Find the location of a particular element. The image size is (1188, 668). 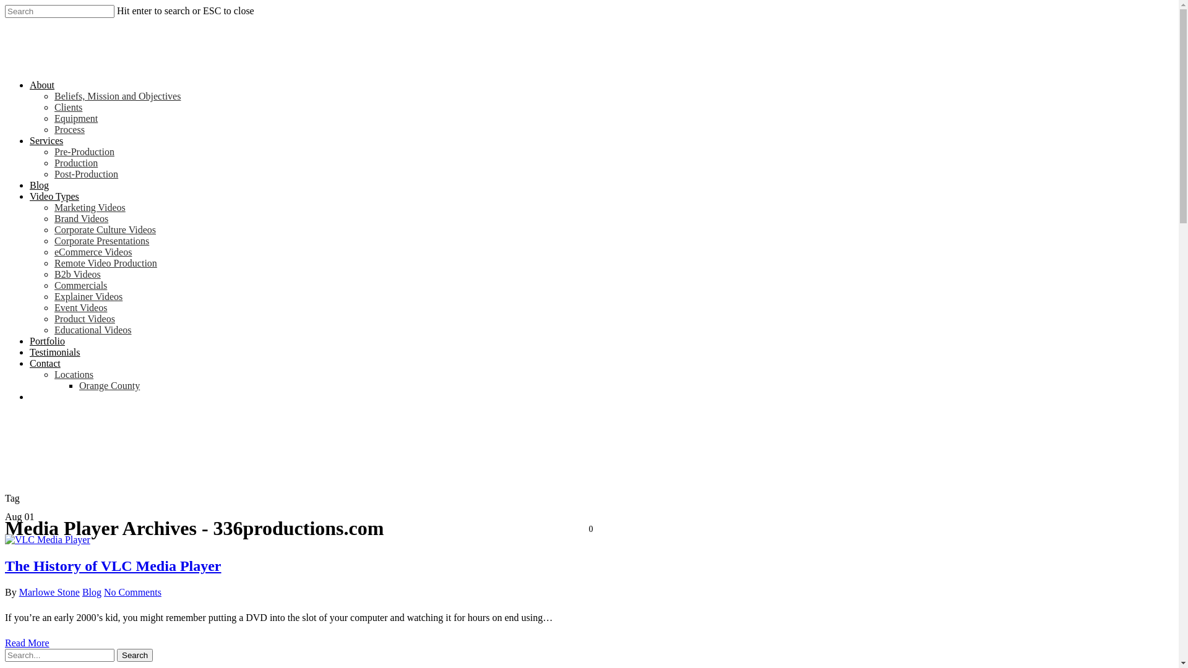

'Corporate Culture Videos' is located at coordinates (53, 229).